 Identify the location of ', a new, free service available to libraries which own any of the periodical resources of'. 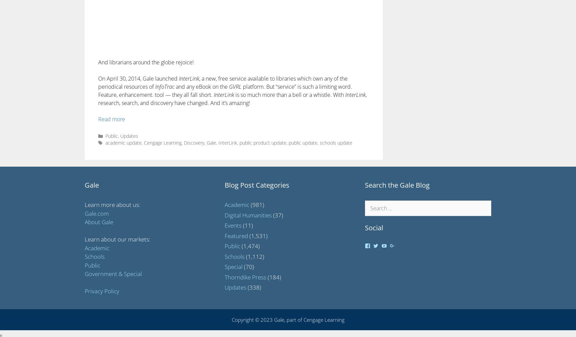
(98, 82).